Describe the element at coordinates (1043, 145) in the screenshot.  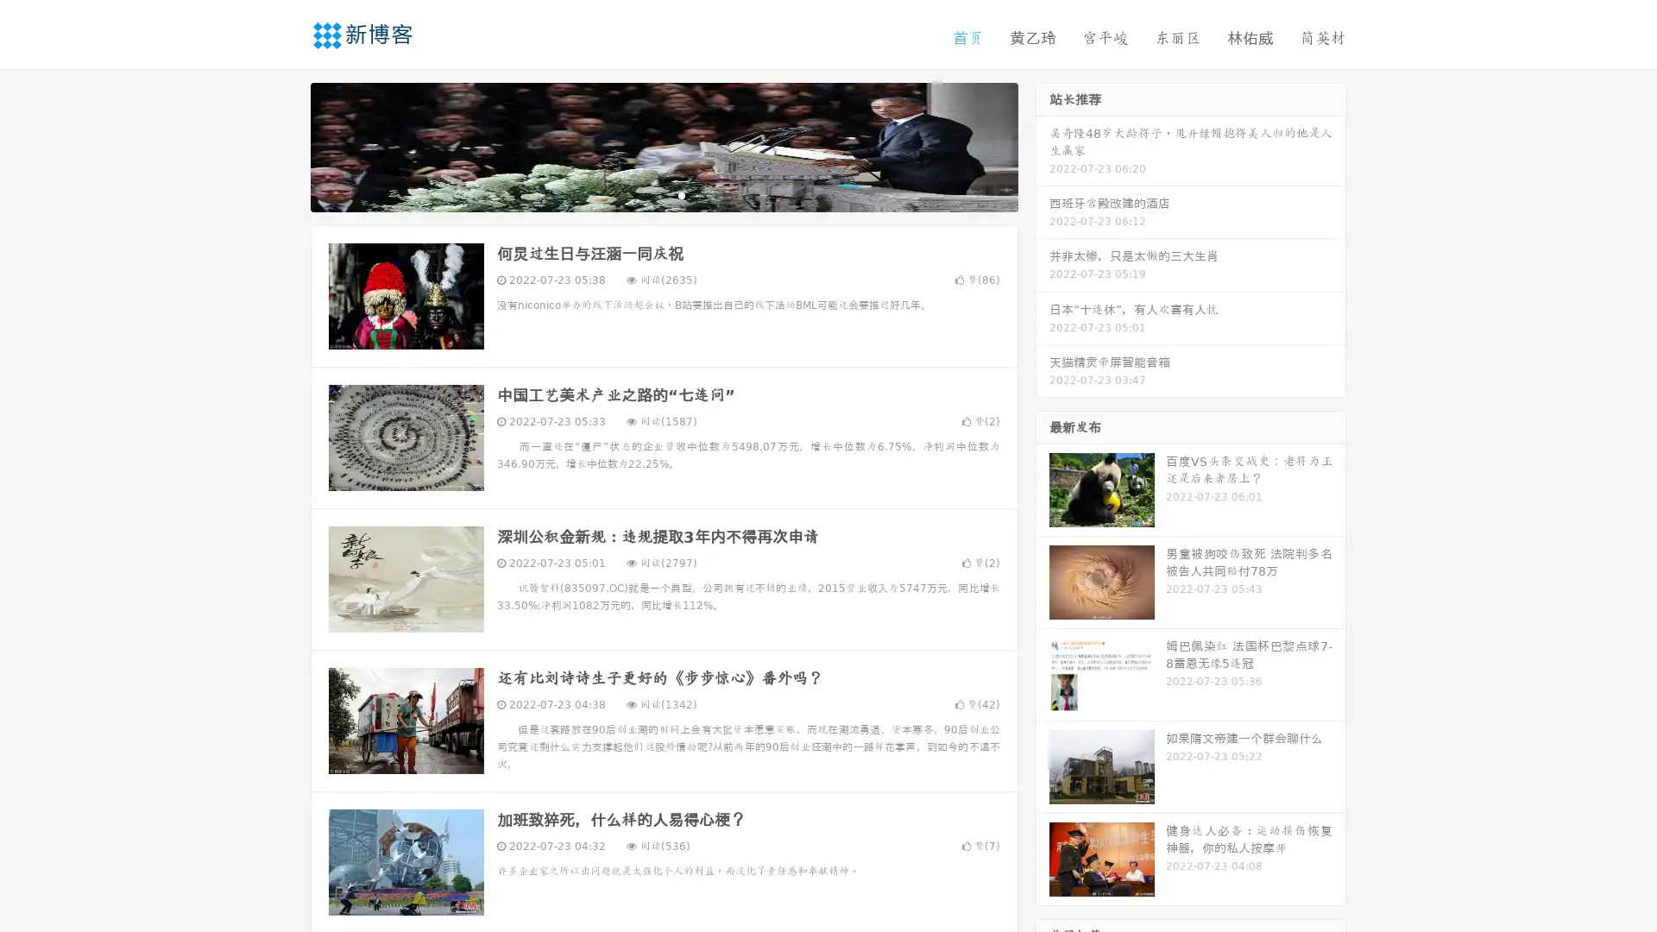
I see `Next slide` at that location.